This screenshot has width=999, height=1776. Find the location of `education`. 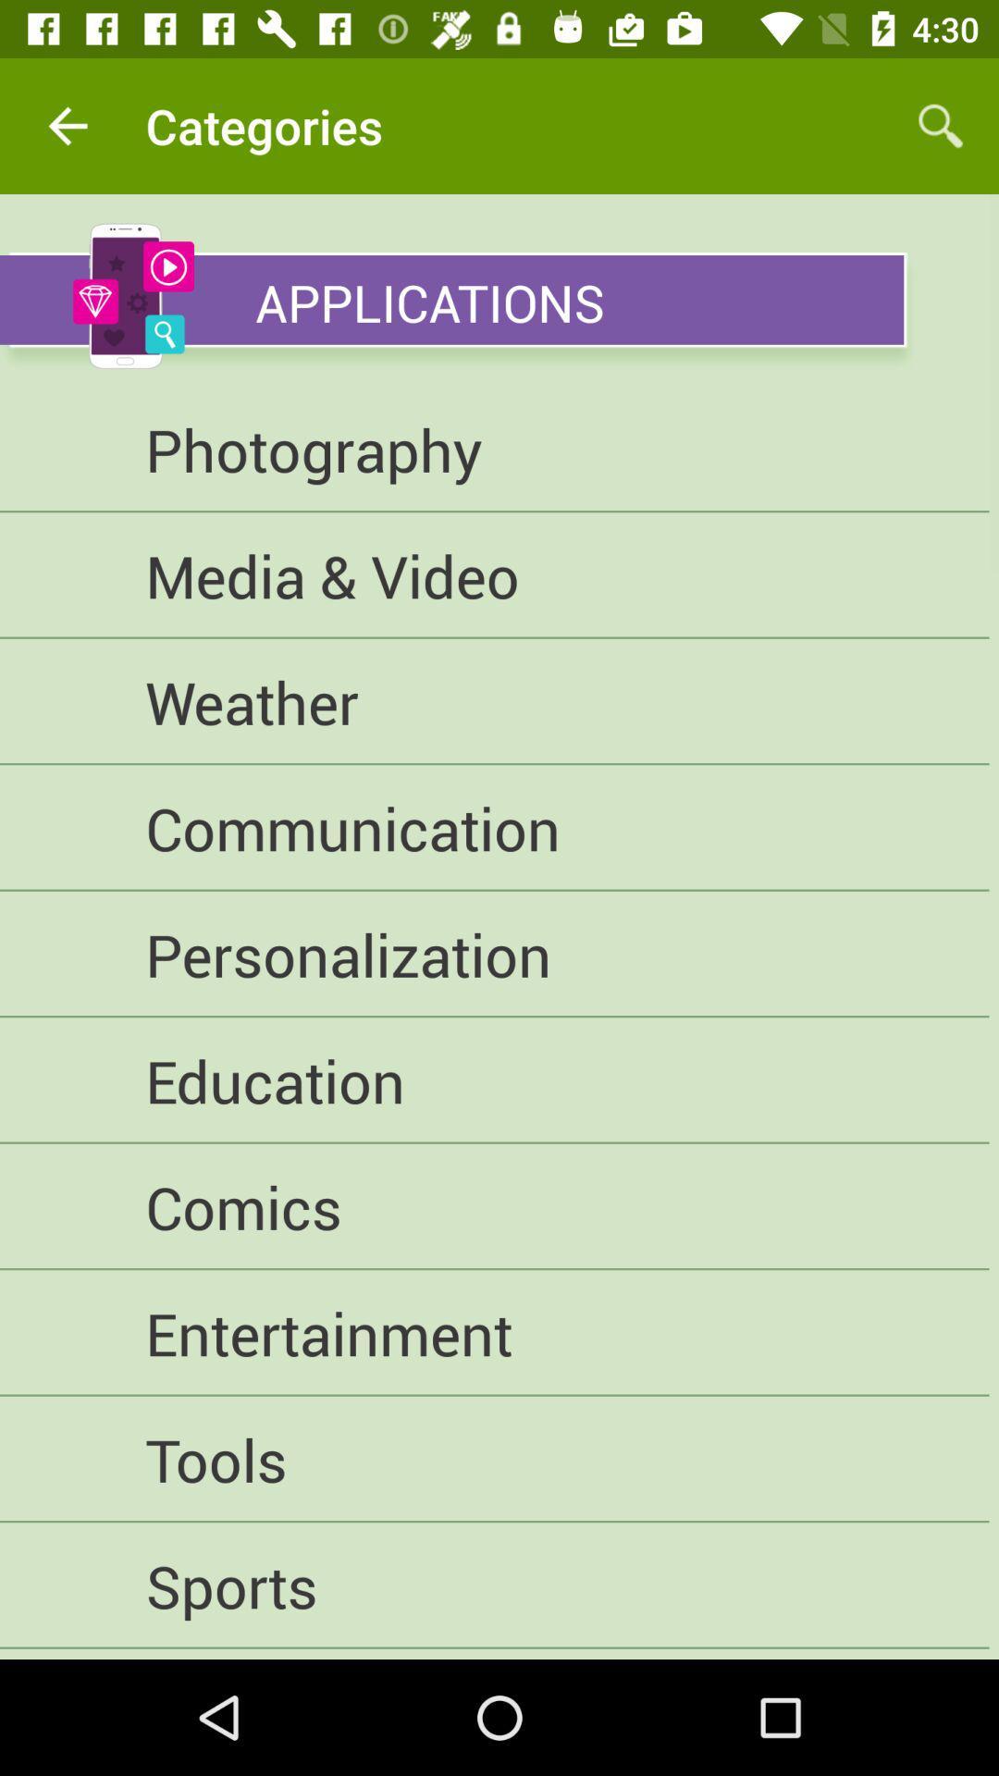

education is located at coordinates (493, 1080).